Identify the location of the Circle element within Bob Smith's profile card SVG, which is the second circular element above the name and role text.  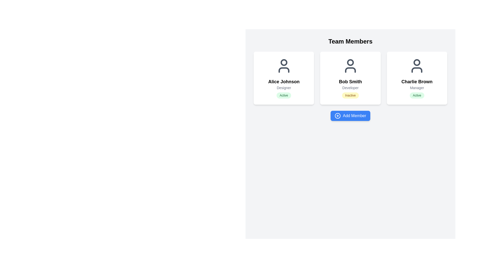
(350, 62).